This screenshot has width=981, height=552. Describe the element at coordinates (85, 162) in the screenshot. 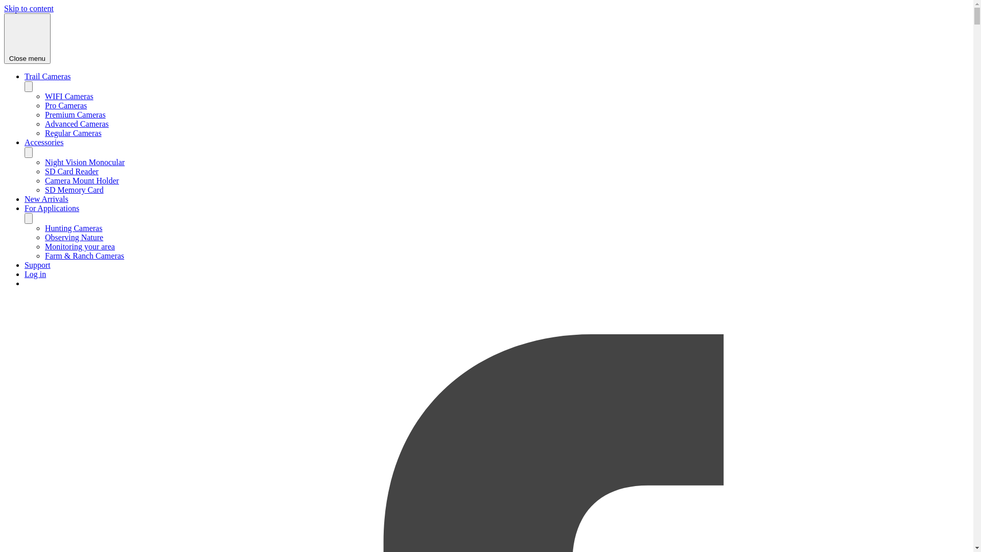

I see `'Night Vision Monocular'` at that location.